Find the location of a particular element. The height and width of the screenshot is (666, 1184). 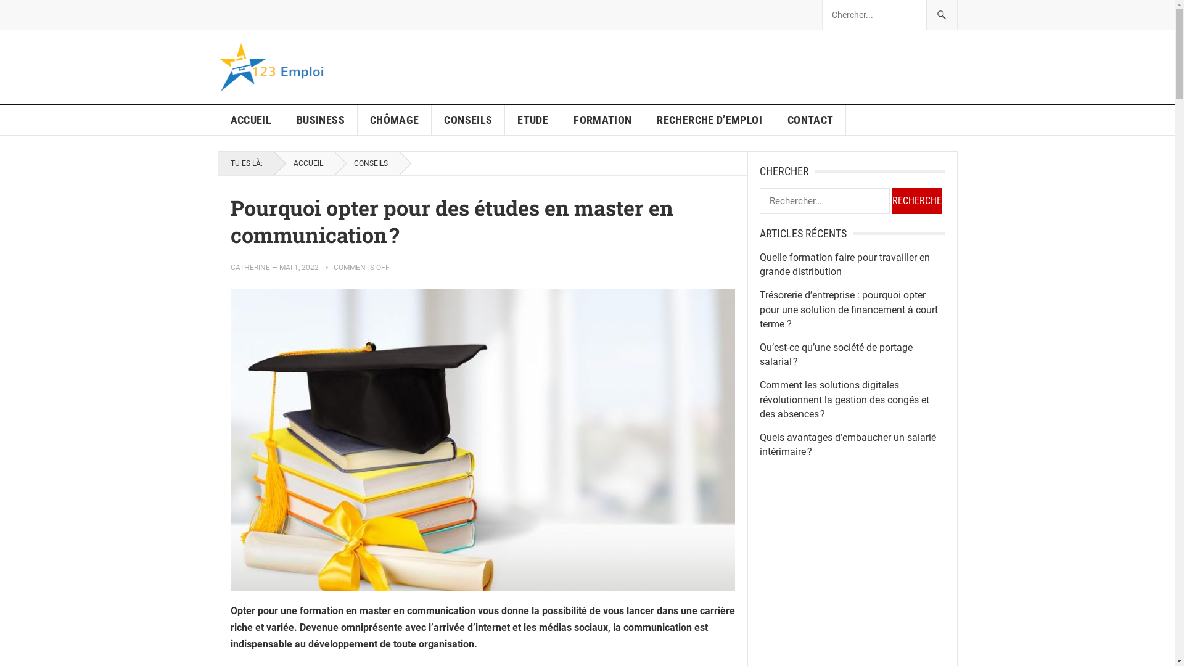

'ACCUEIL' is located at coordinates (251, 120).